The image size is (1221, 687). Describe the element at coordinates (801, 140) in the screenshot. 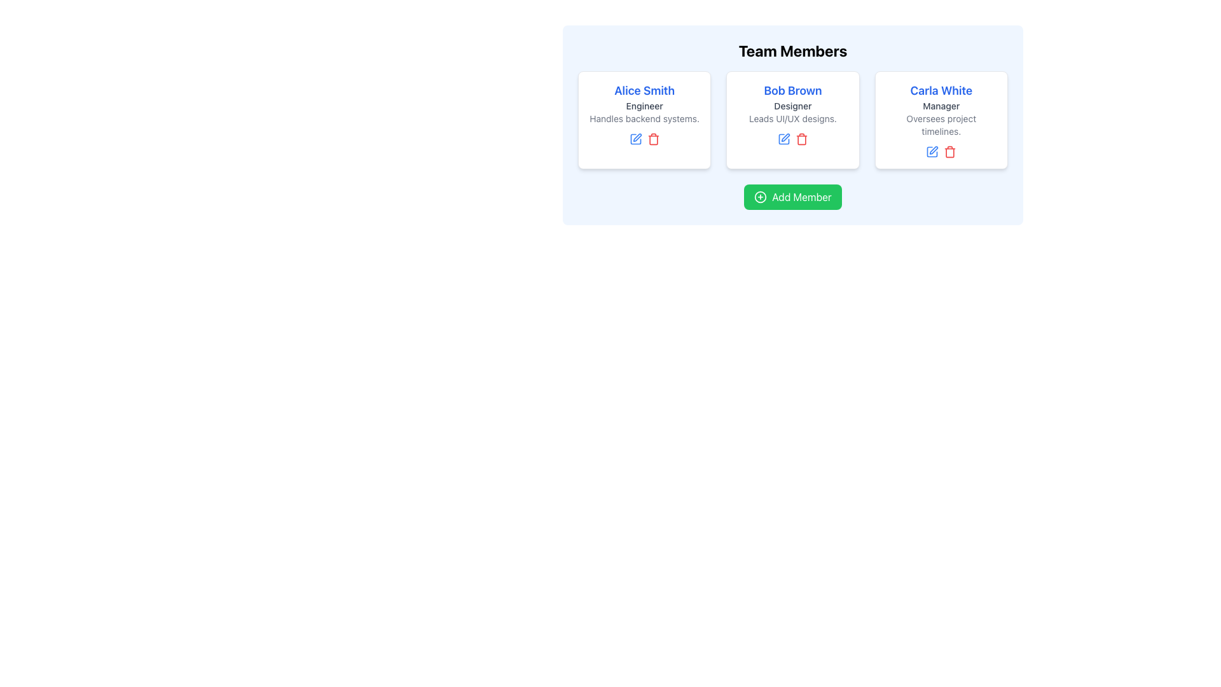

I see `the delete icon located at the bottom of Bob Brown's team member card` at that location.